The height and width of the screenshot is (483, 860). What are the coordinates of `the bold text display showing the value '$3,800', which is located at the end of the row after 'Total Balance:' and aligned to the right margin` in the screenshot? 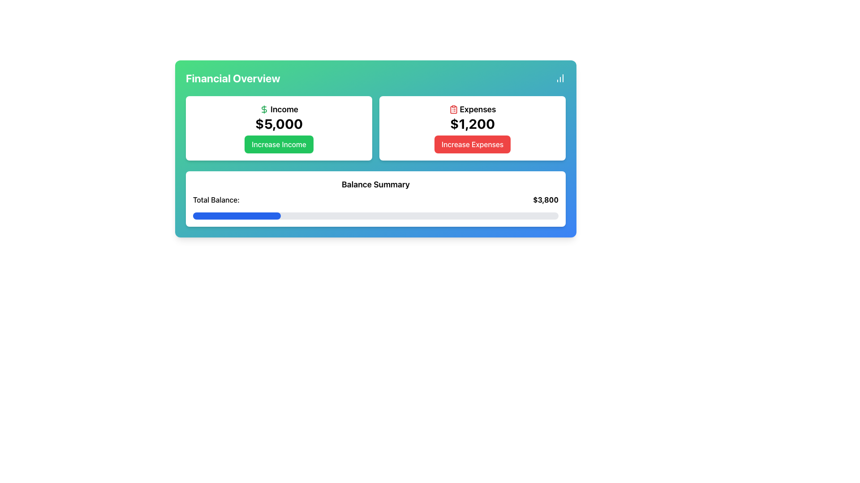 It's located at (545, 199).